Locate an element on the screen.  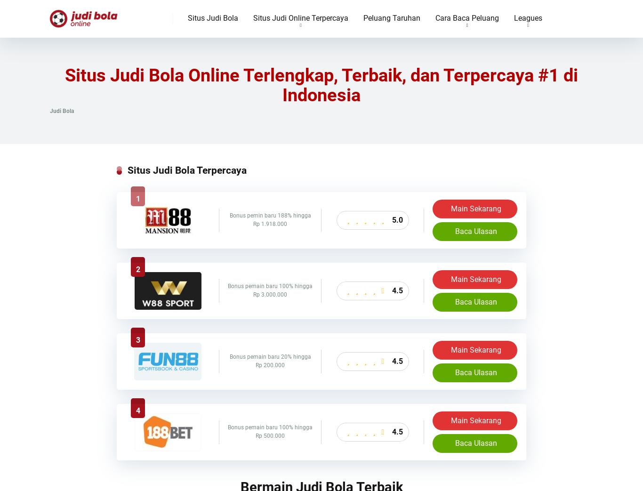
'Situs Judi Bola Terpercaya' is located at coordinates (186, 169).